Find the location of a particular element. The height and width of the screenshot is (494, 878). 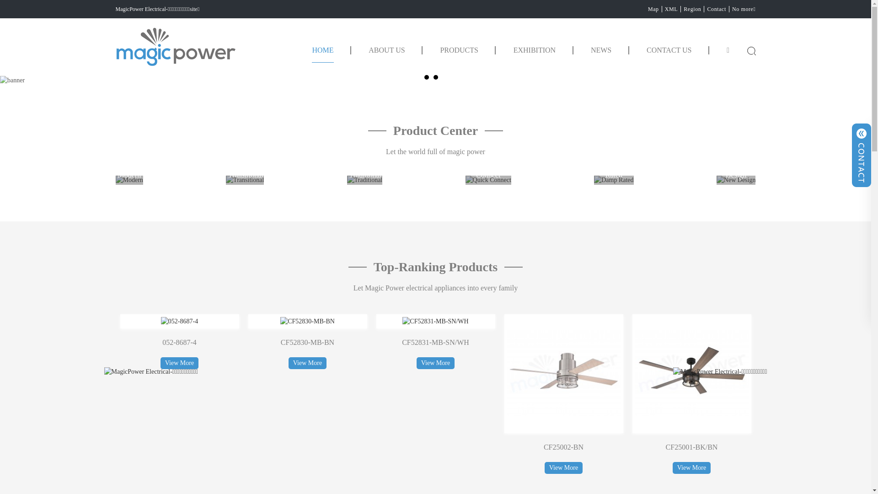

'CONTACT US' is located at coordinates (669, 54).